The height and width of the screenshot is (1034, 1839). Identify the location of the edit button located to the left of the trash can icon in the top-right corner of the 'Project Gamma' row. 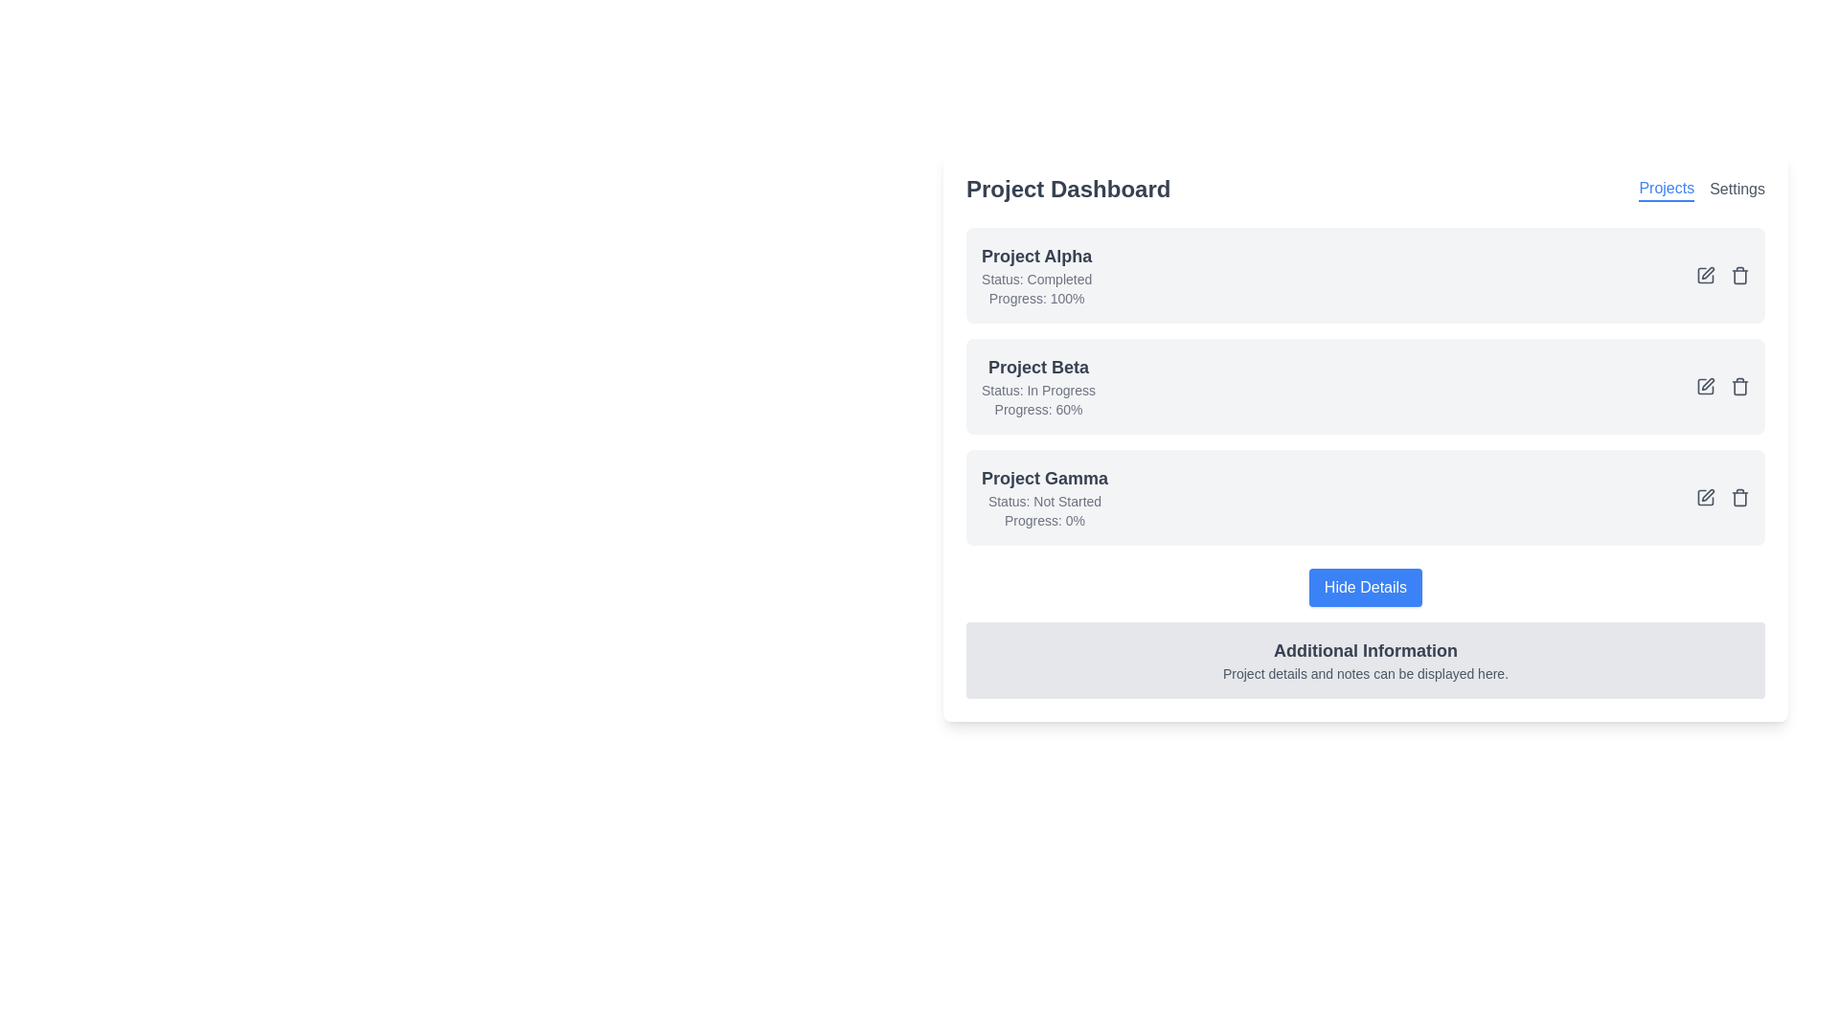
(1705, 497).